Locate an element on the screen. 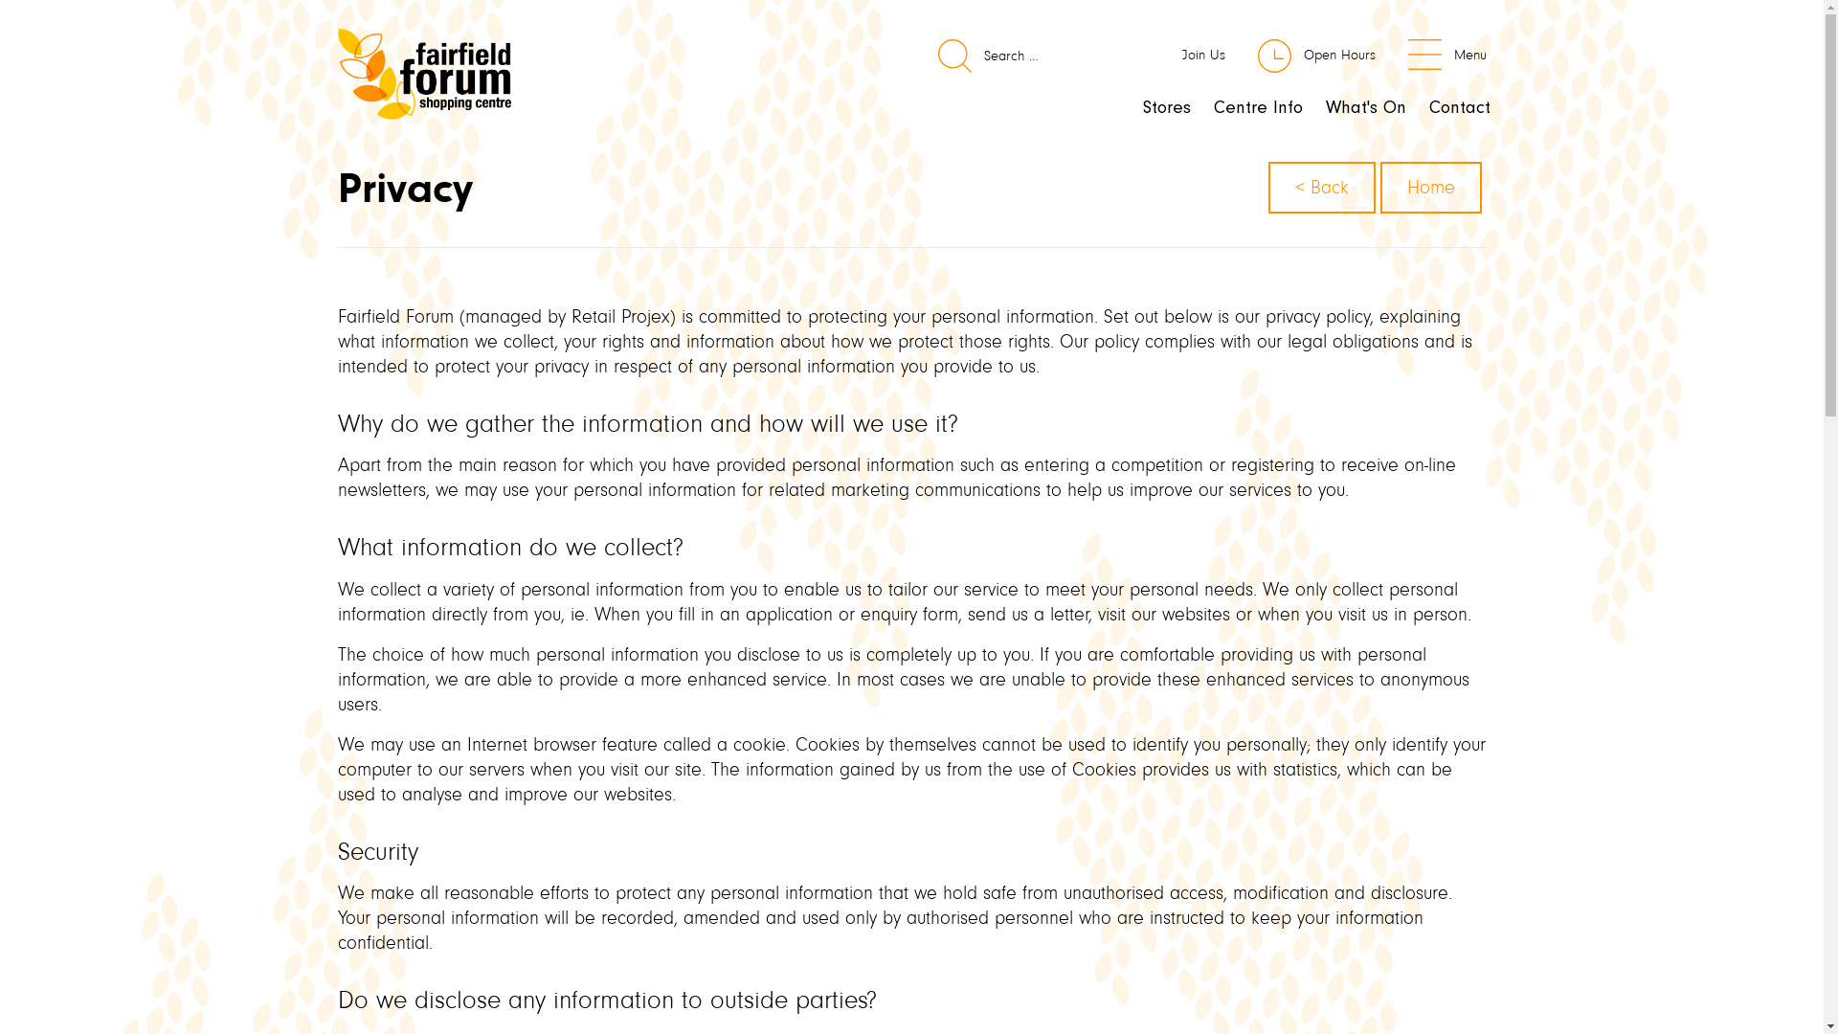  '< Back' is located at coordinates (1320, 188).